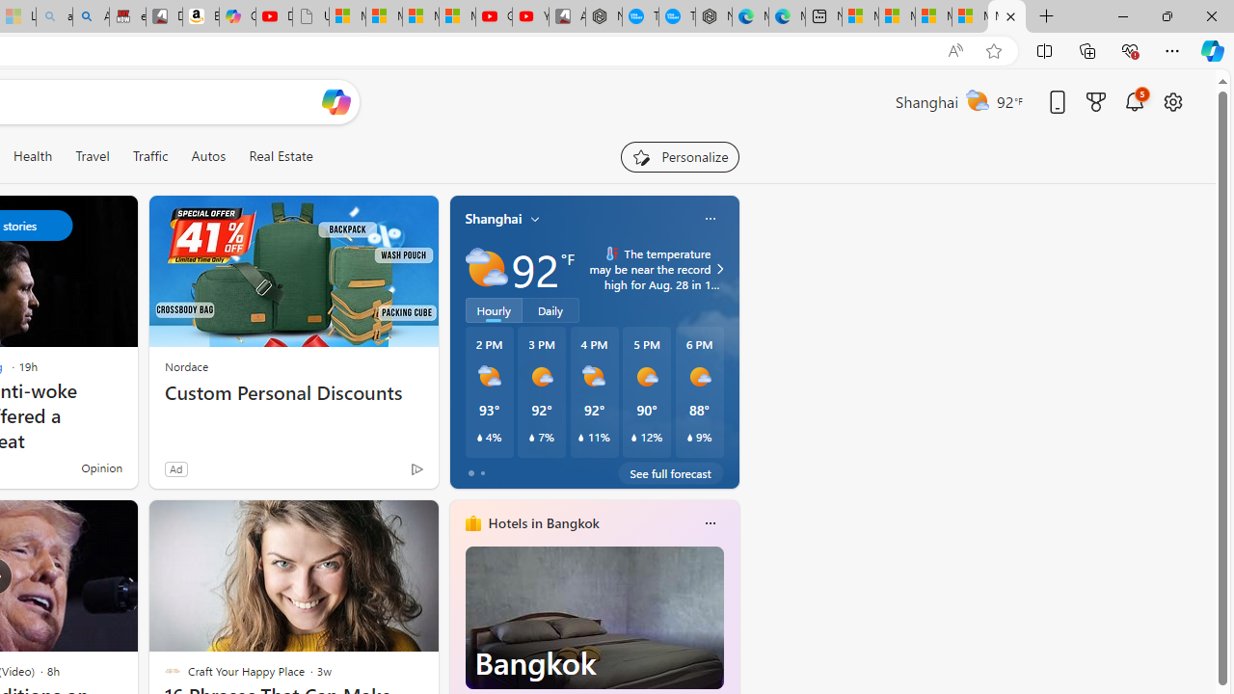  What do you see at coordinates (550, 308) in the screenshot?
I see `'Daily'` at bounding box center [550, 308].